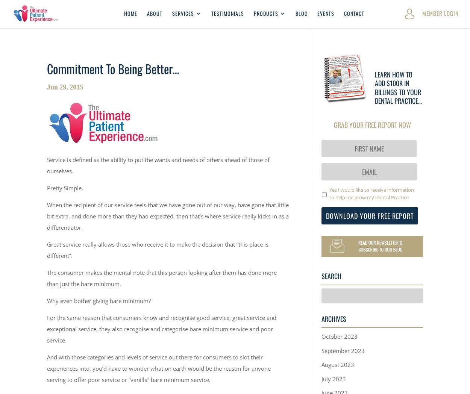 This screenshot has width=470, height=394. What do you see at coordinates (344, 12) in the screenshot?
I see `'Contact'` at bounding box center [344, 12].